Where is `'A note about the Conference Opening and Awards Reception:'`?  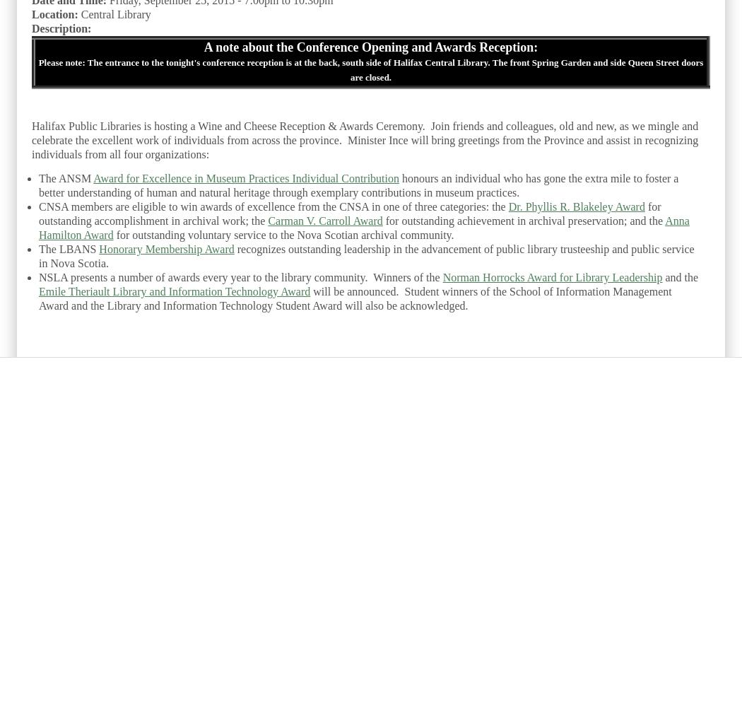 'A note about the Conference Opening and Awards Reception:' is located at coordinates (370, 47).